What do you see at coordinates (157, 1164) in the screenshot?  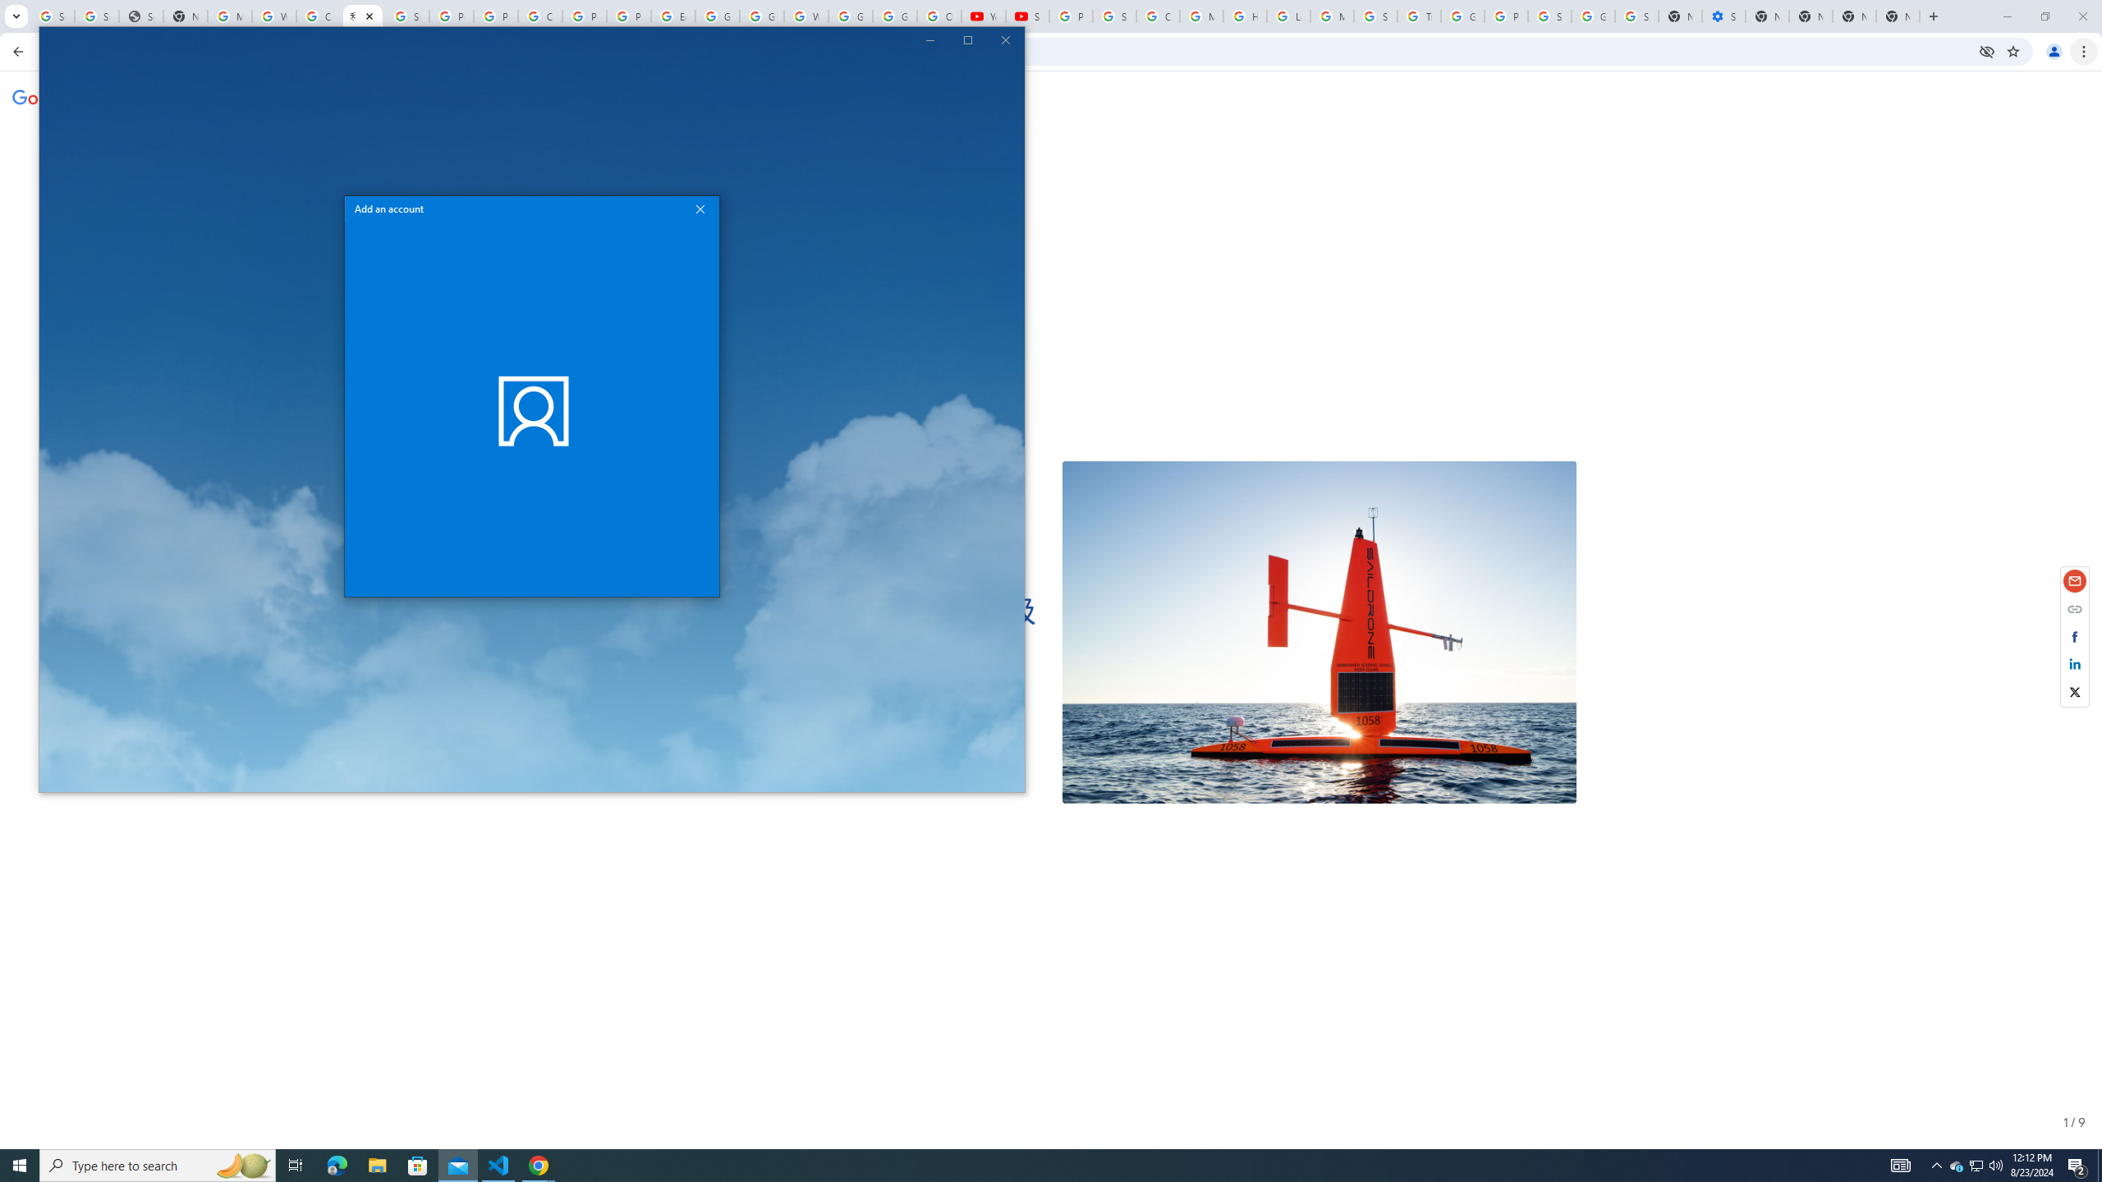 I see `'Type here to search'` at bounding box center [157, 1164].